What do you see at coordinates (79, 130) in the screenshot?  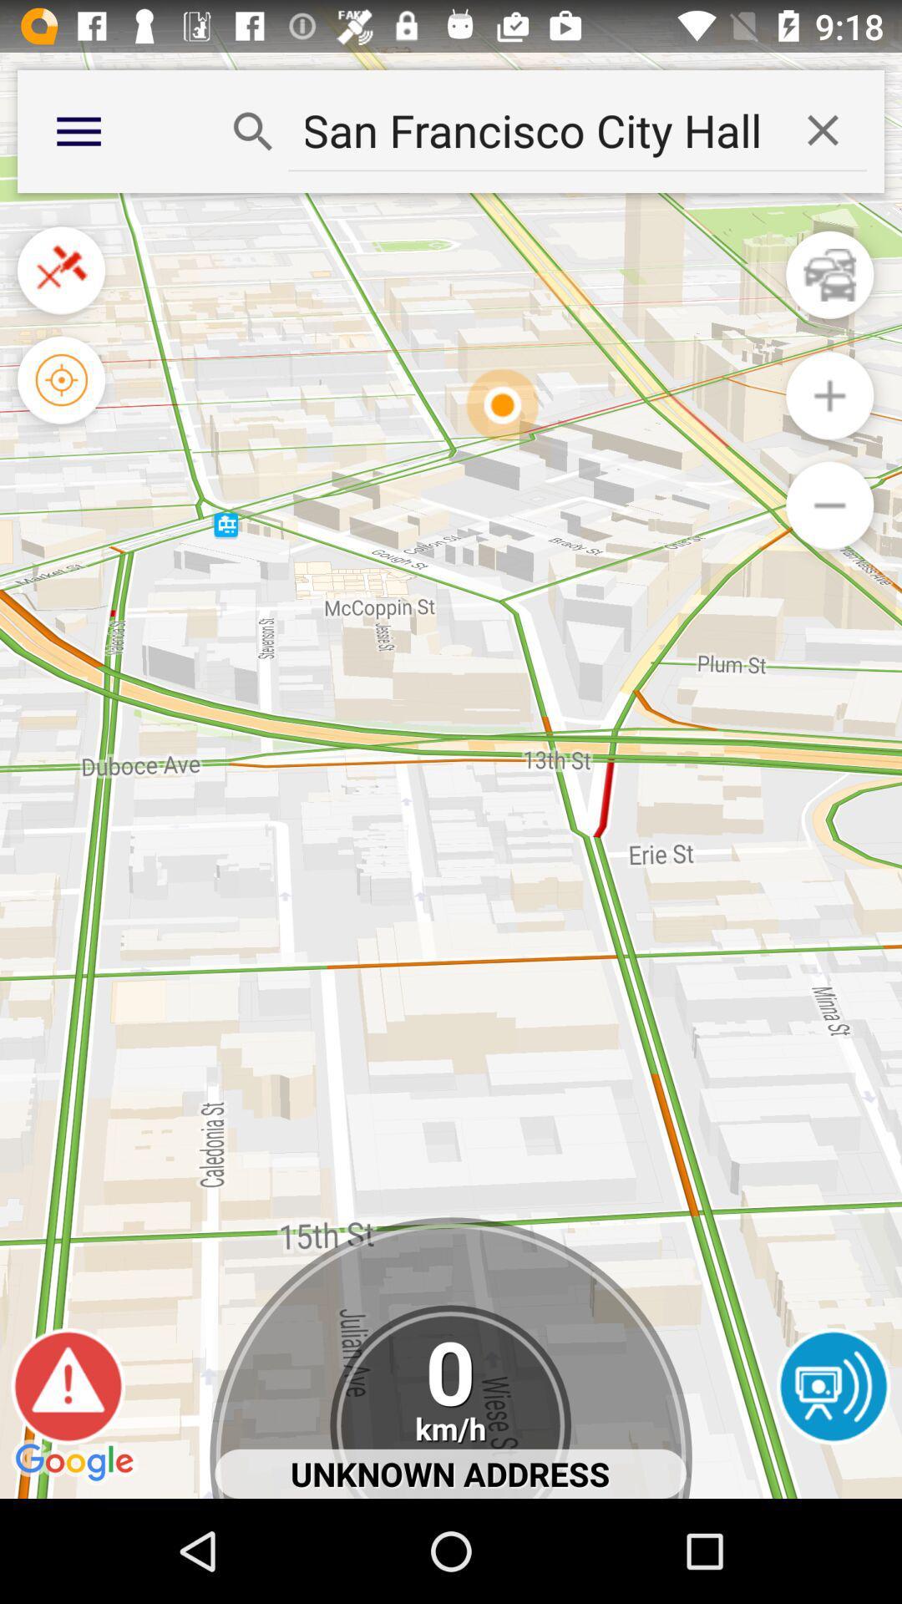 I see `the more option on the top left corner` at bounding box center [79, 130].